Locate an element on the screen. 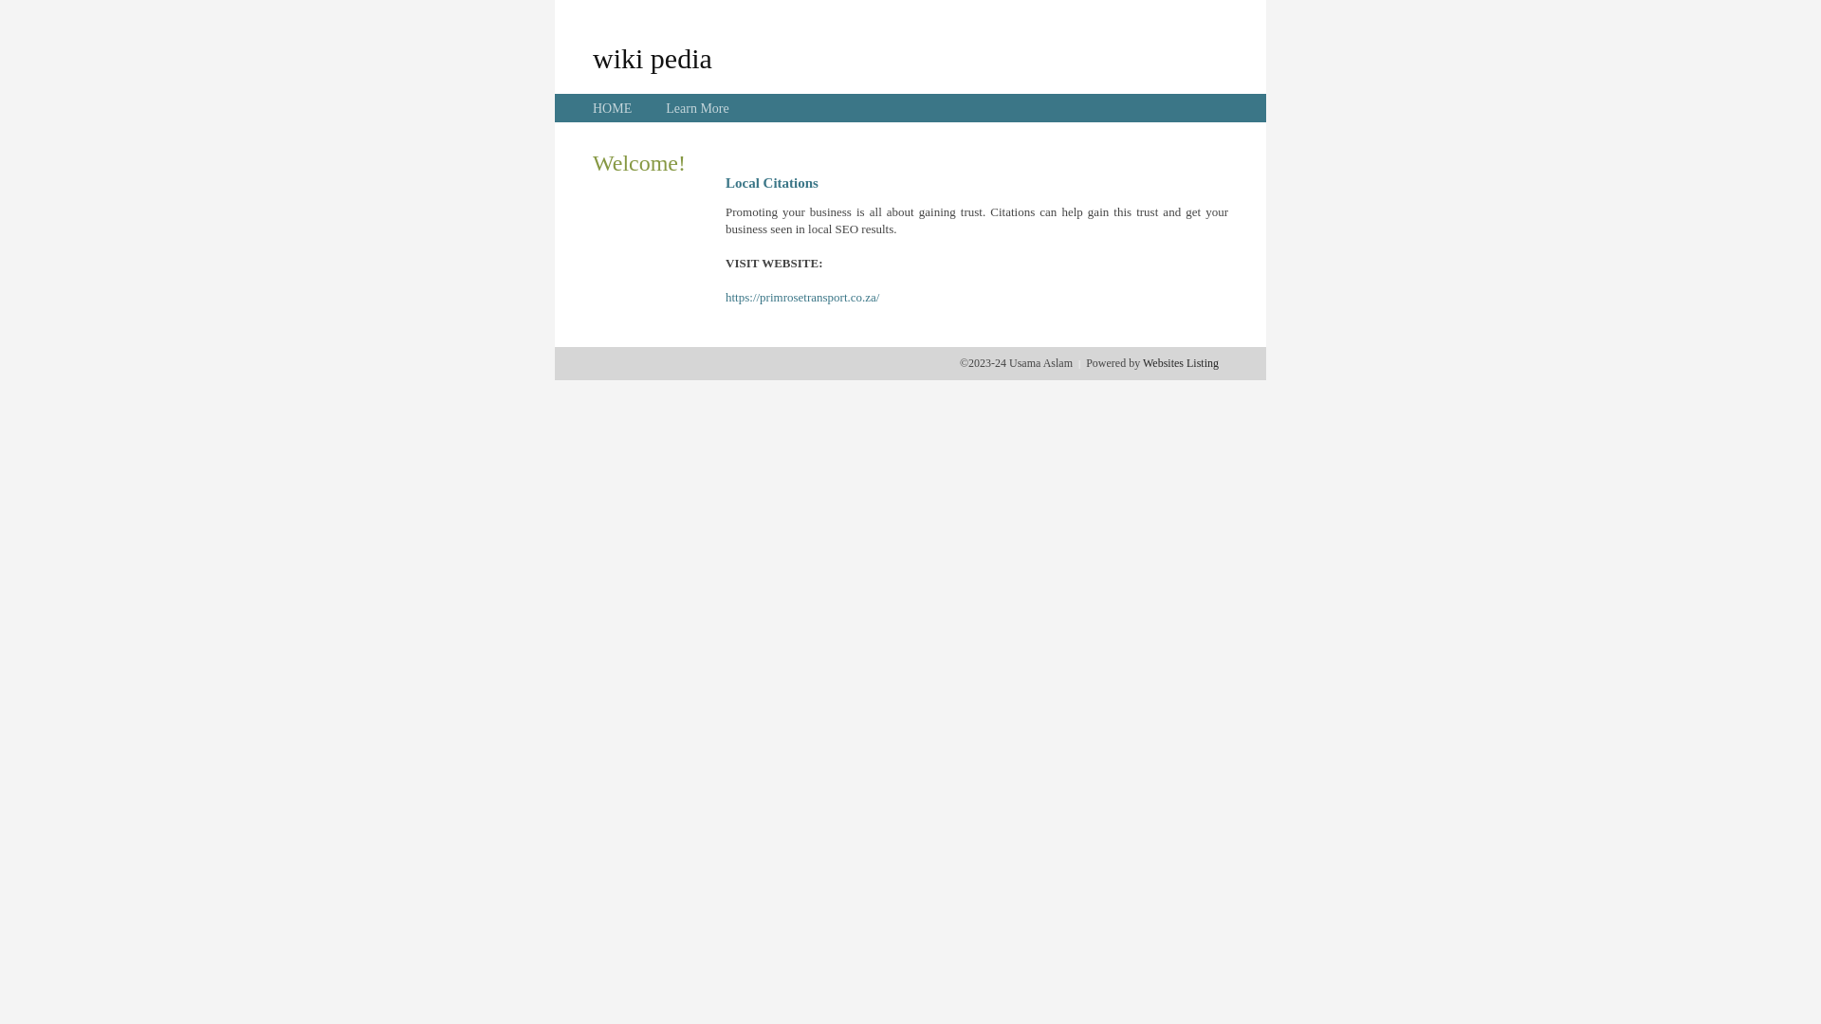 The image size is (1821, 1024). 'Learn More' is located at coordinates (695, 108).